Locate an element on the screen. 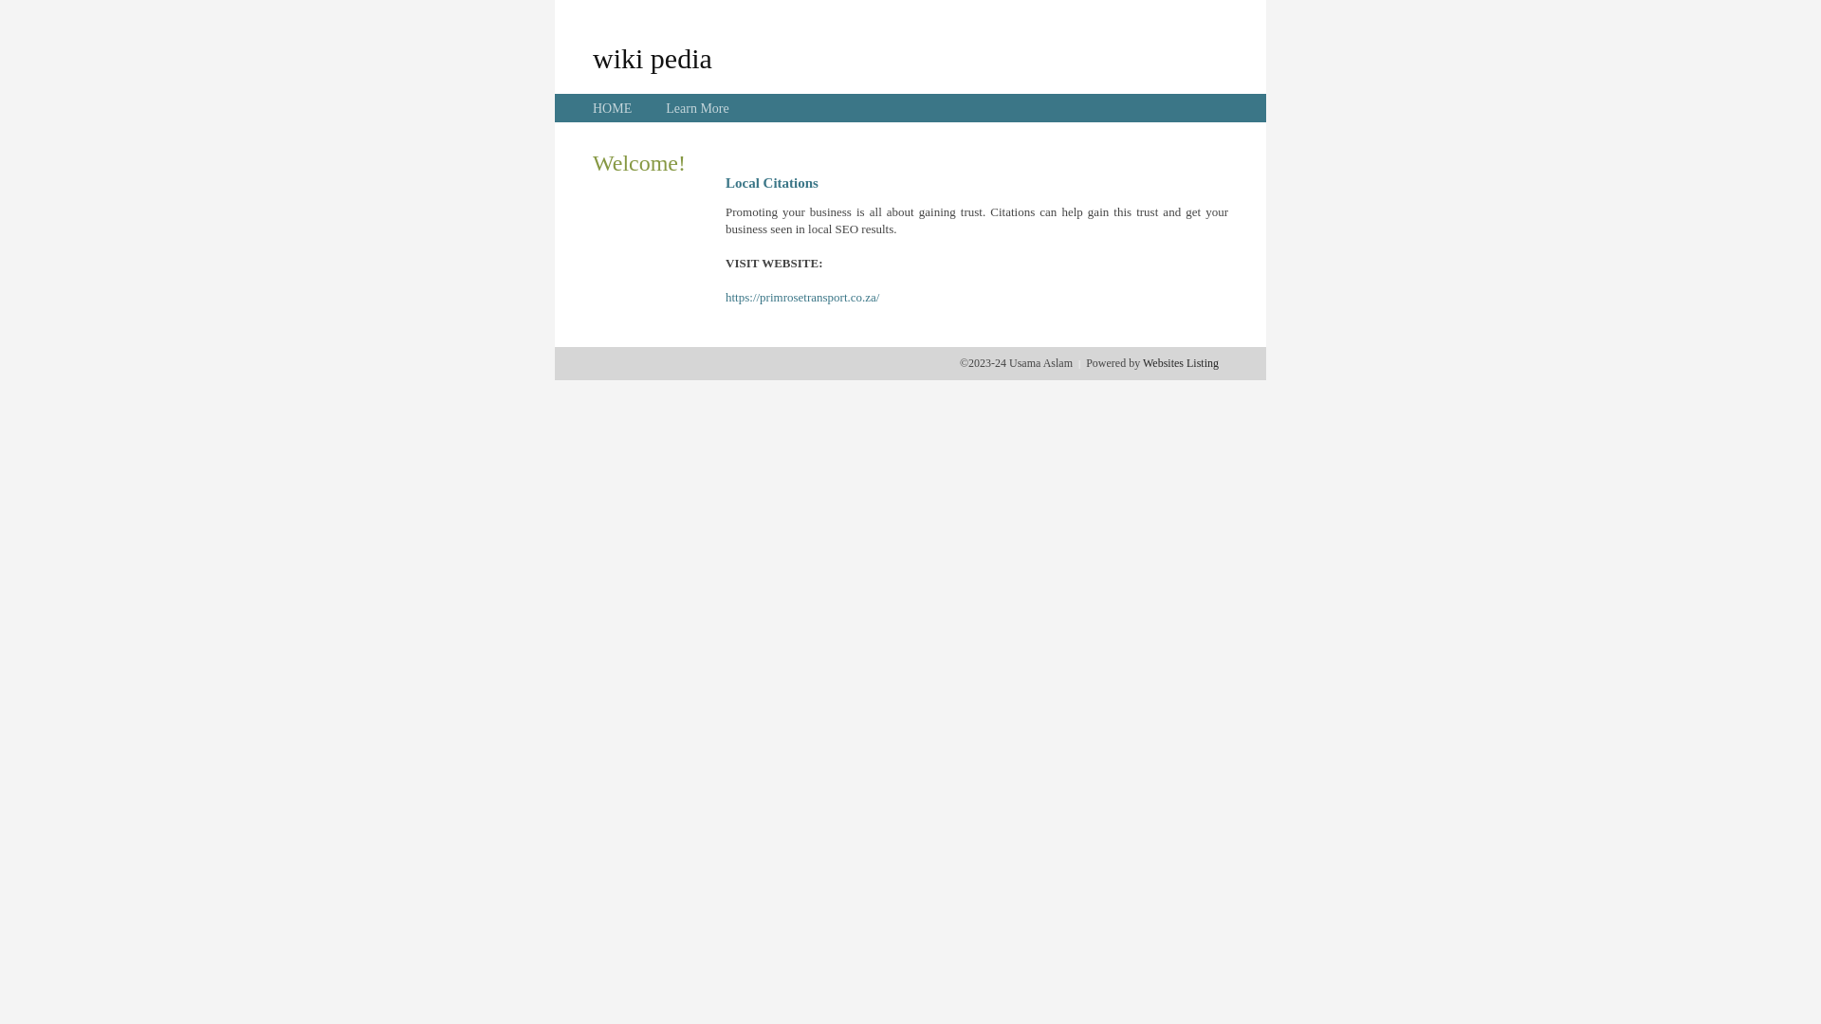 The image size is (1821, 1024). 'Learn More' is located at coordinates (695, 108).